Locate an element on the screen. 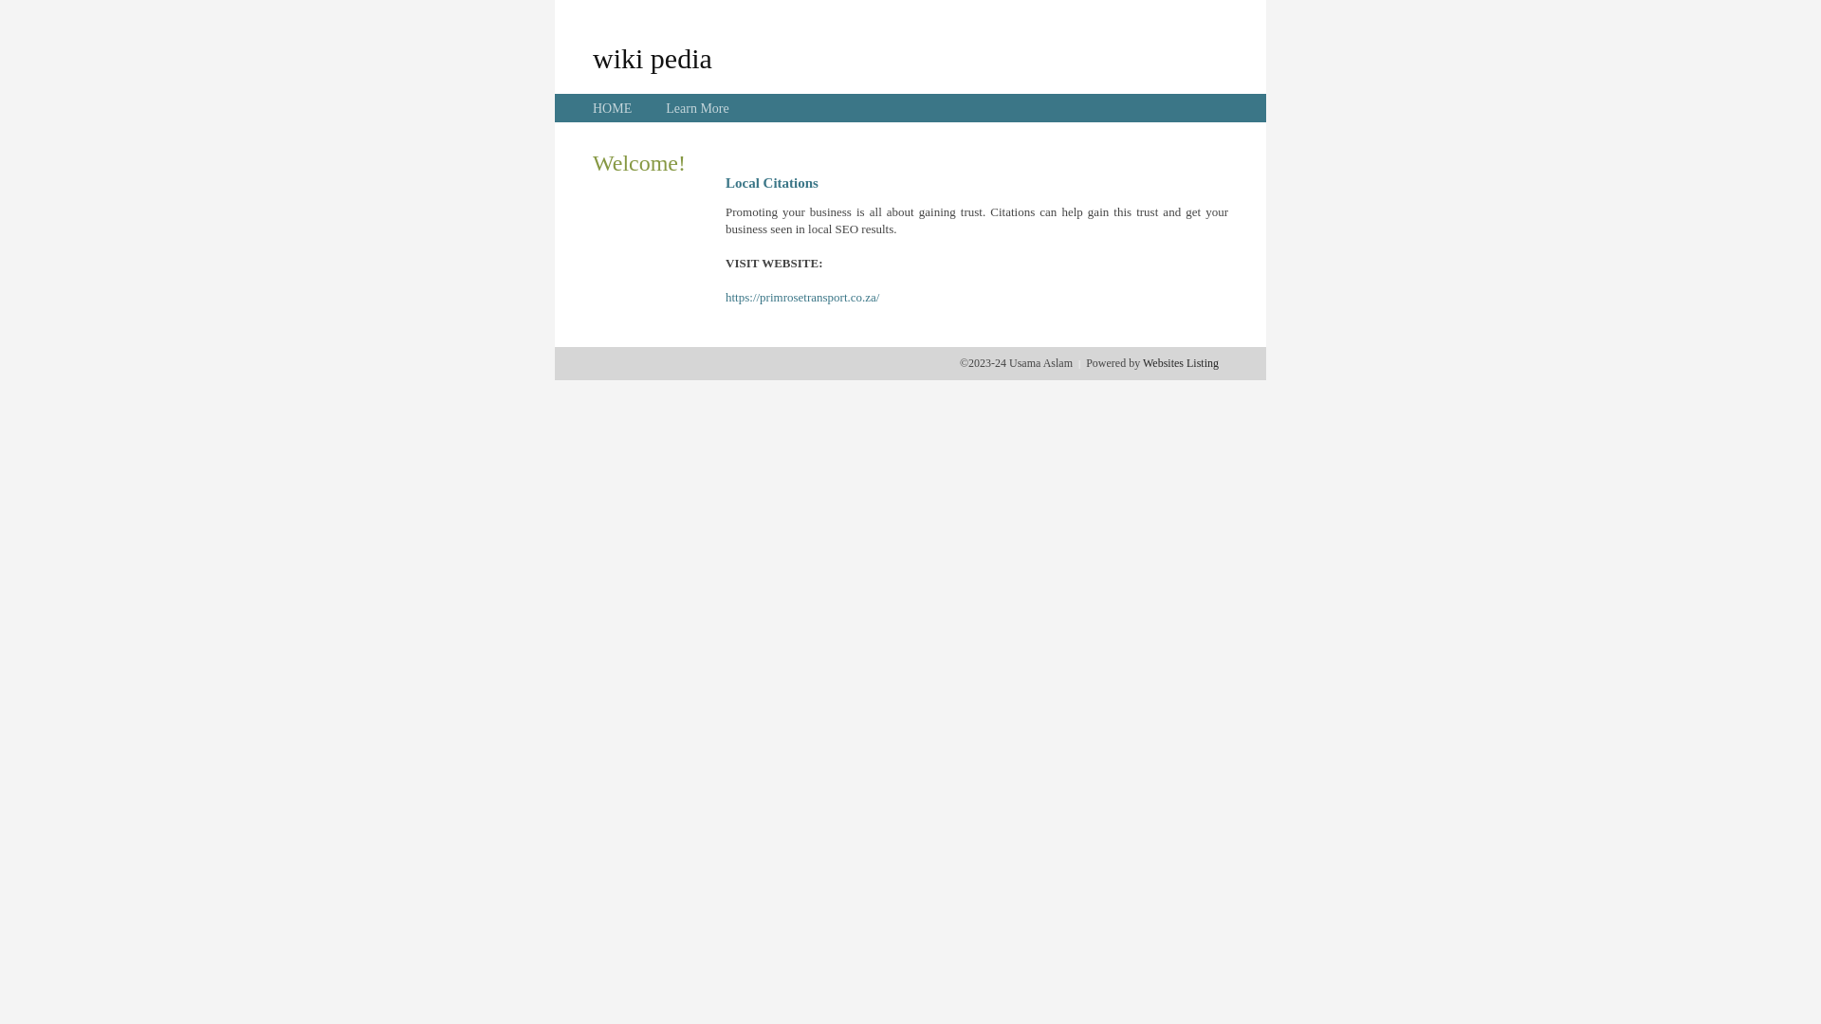 The image size is (1821, 1024). 'Learn More' is located at coordinates (695, 108).